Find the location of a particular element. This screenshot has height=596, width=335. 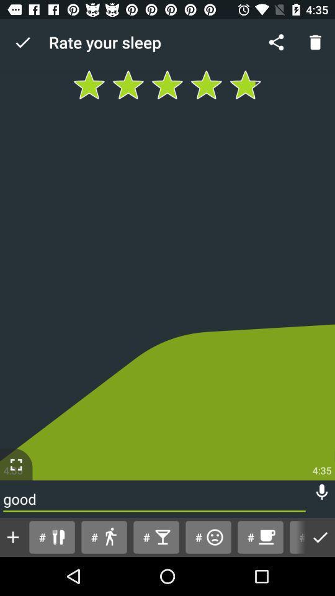

icon to the left of rate your sleep icon is located at coordinates (22, 42).